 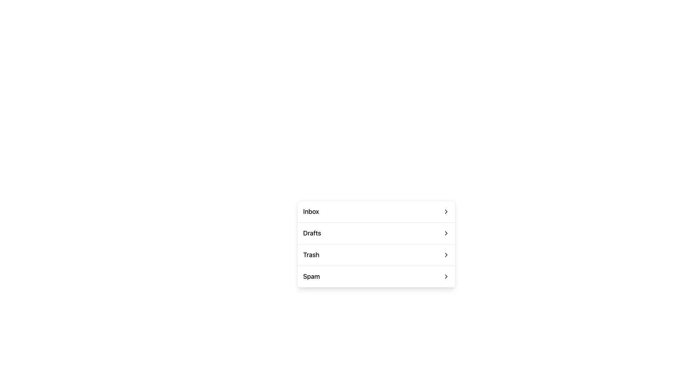 What do you see at coordinates (311, 276) in the screenshot?
I see `the text label positioned in the fourth entry of the vertical menu, located beneath the 'Trash' menu item, to gather context about the interactive option` at bounding box center [311, 276].